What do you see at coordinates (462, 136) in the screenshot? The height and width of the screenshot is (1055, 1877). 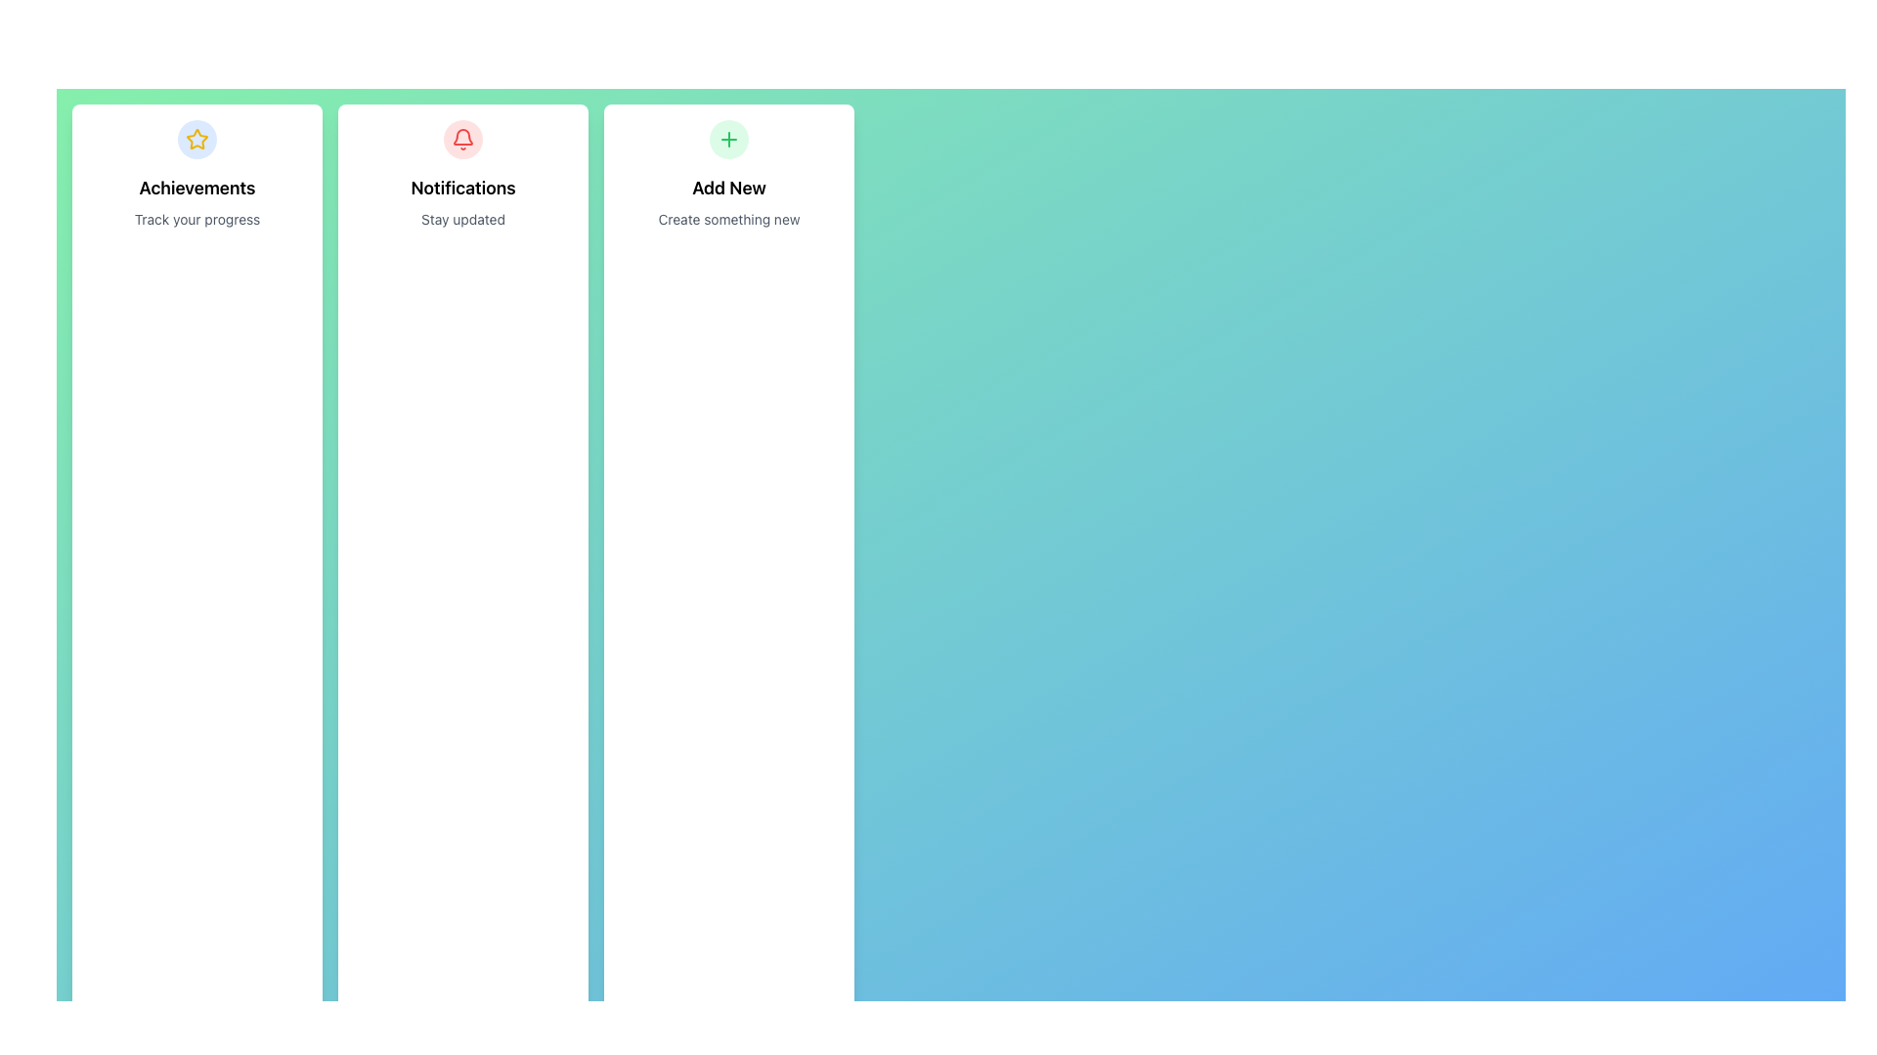 I see `the red bell icon representing notifications, which is centered within the notifications card of the interface` at bounding box center [462, 136].